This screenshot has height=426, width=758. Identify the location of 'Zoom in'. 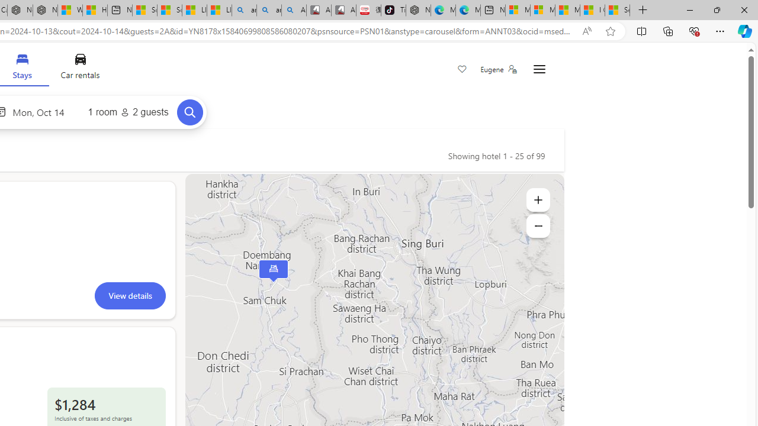
(537, 199).